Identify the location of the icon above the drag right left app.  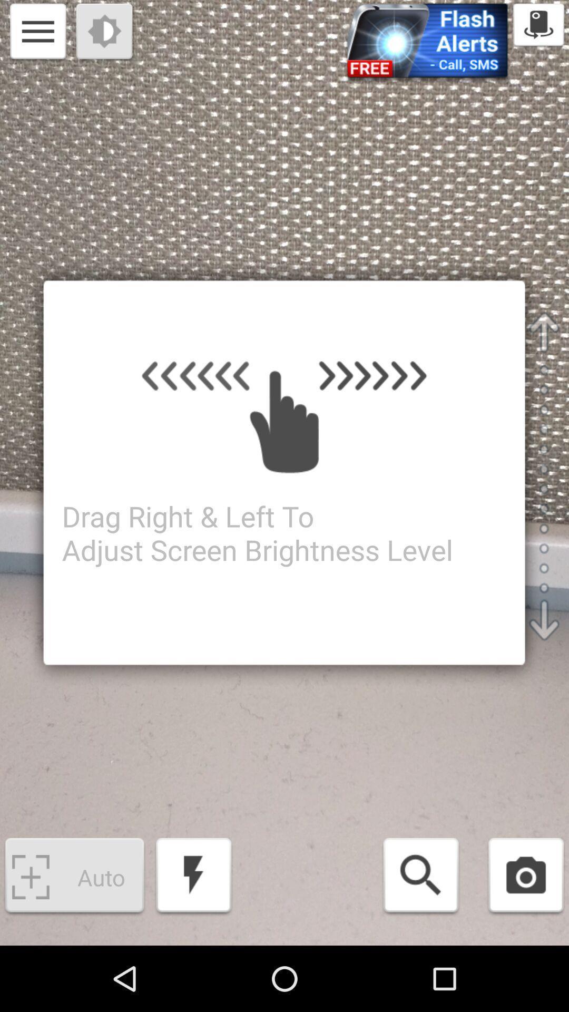
(37, 33).